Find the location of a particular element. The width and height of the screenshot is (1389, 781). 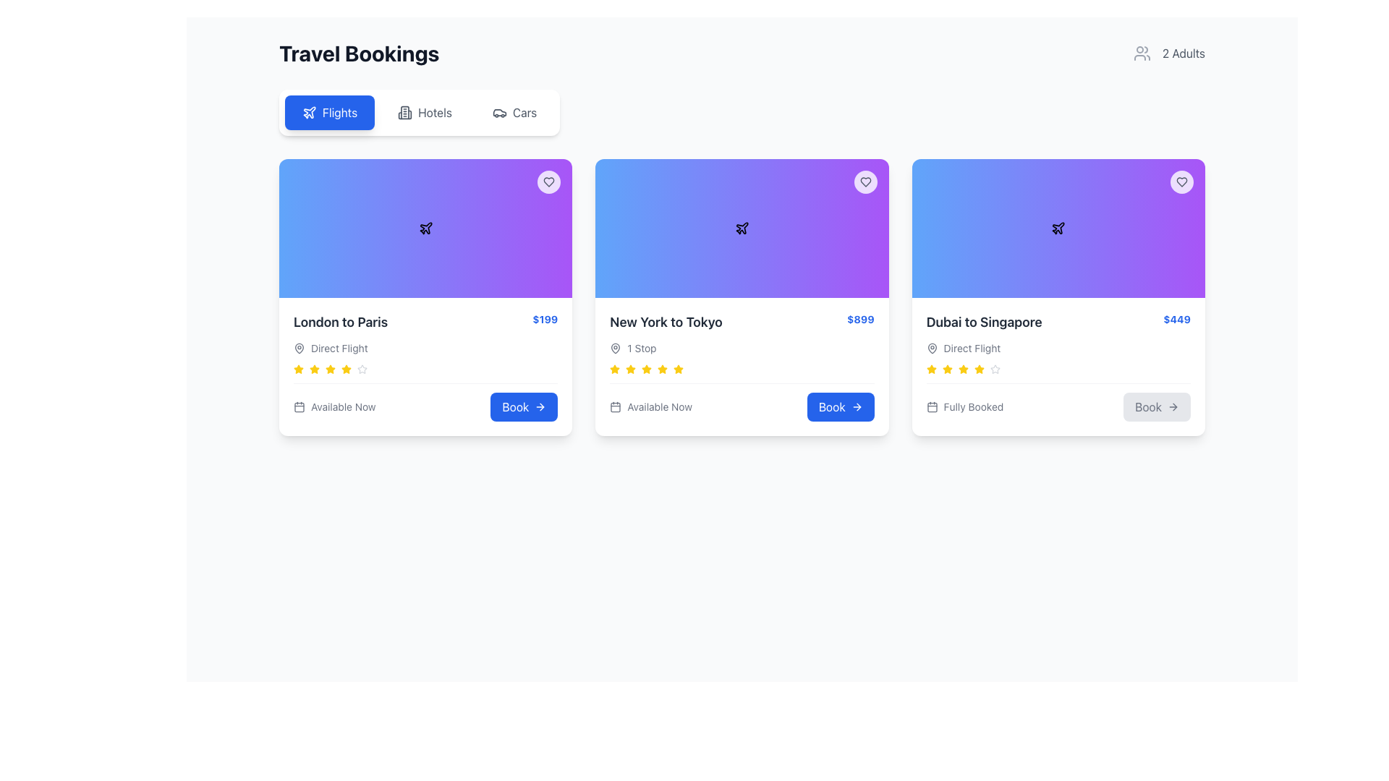

the Navigation or Category Selector button is located at coordinates (419, 111).